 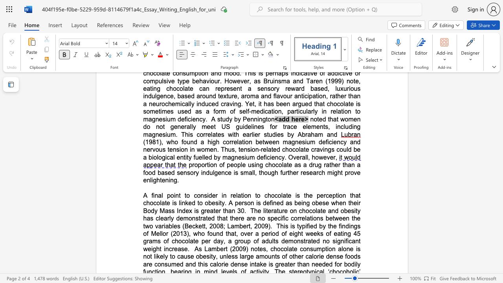 I want to click on the subset text "crea" within the text "no significant weight increase", so click(x=168, y=249).